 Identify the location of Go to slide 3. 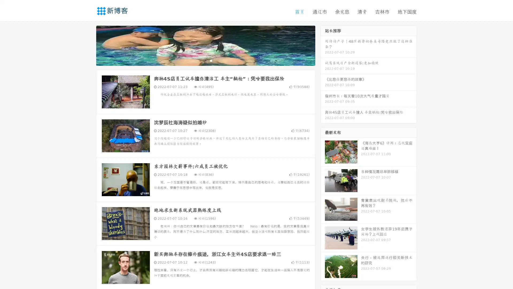
(211, 60).